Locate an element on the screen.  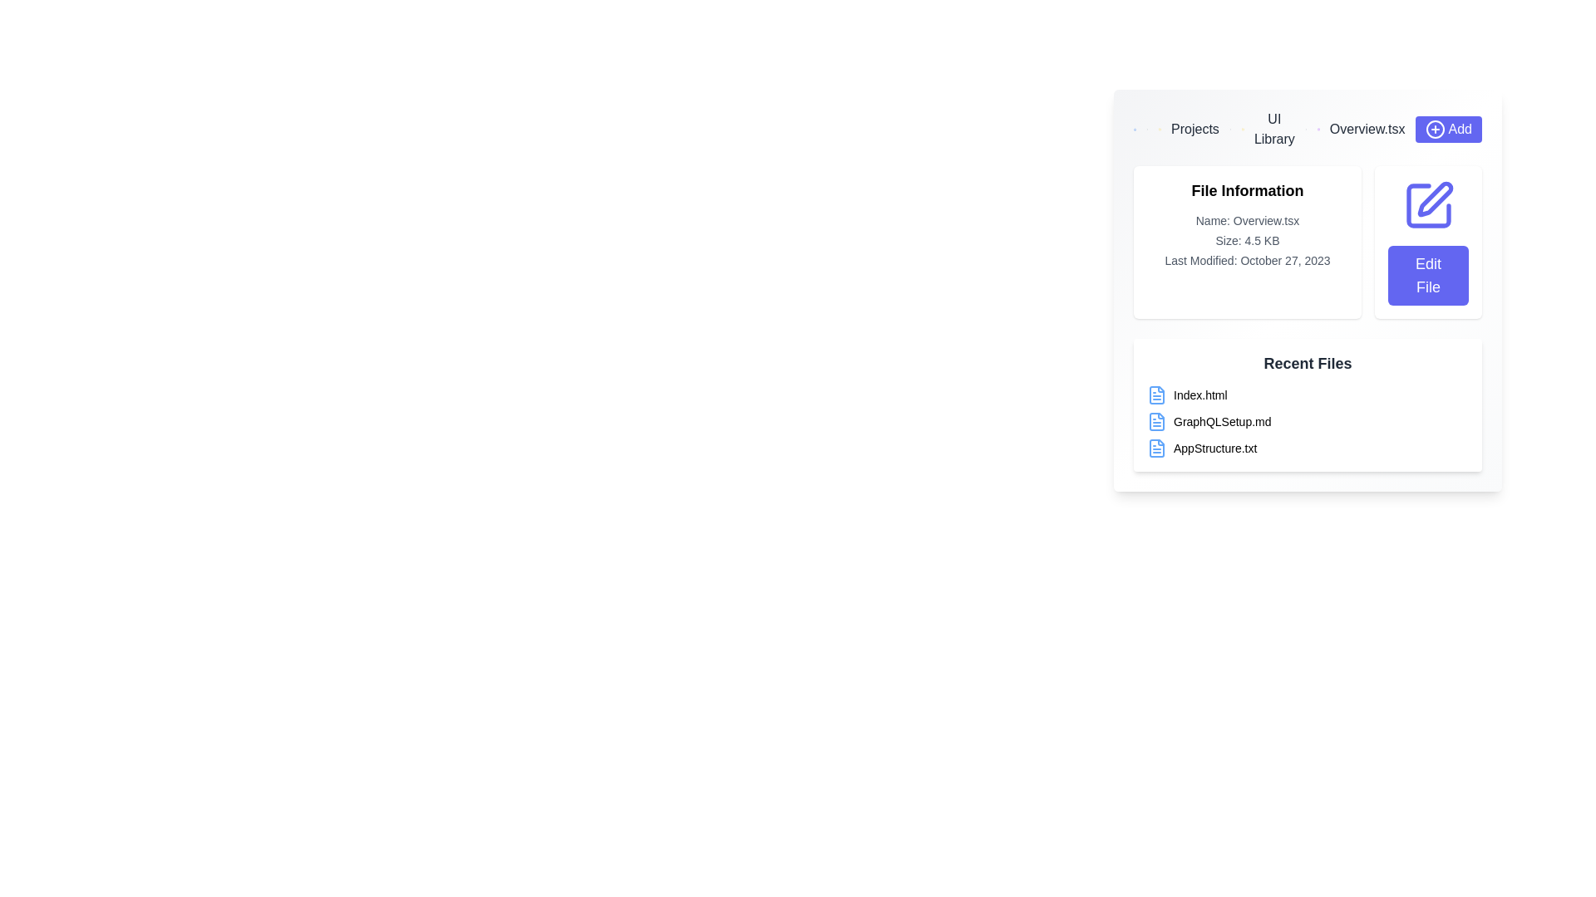
the circular SVG icon with a plus sign in the center, which is part of the 'Add' button located in the top right corner of the UI card is located at coordinates (1434, 128).